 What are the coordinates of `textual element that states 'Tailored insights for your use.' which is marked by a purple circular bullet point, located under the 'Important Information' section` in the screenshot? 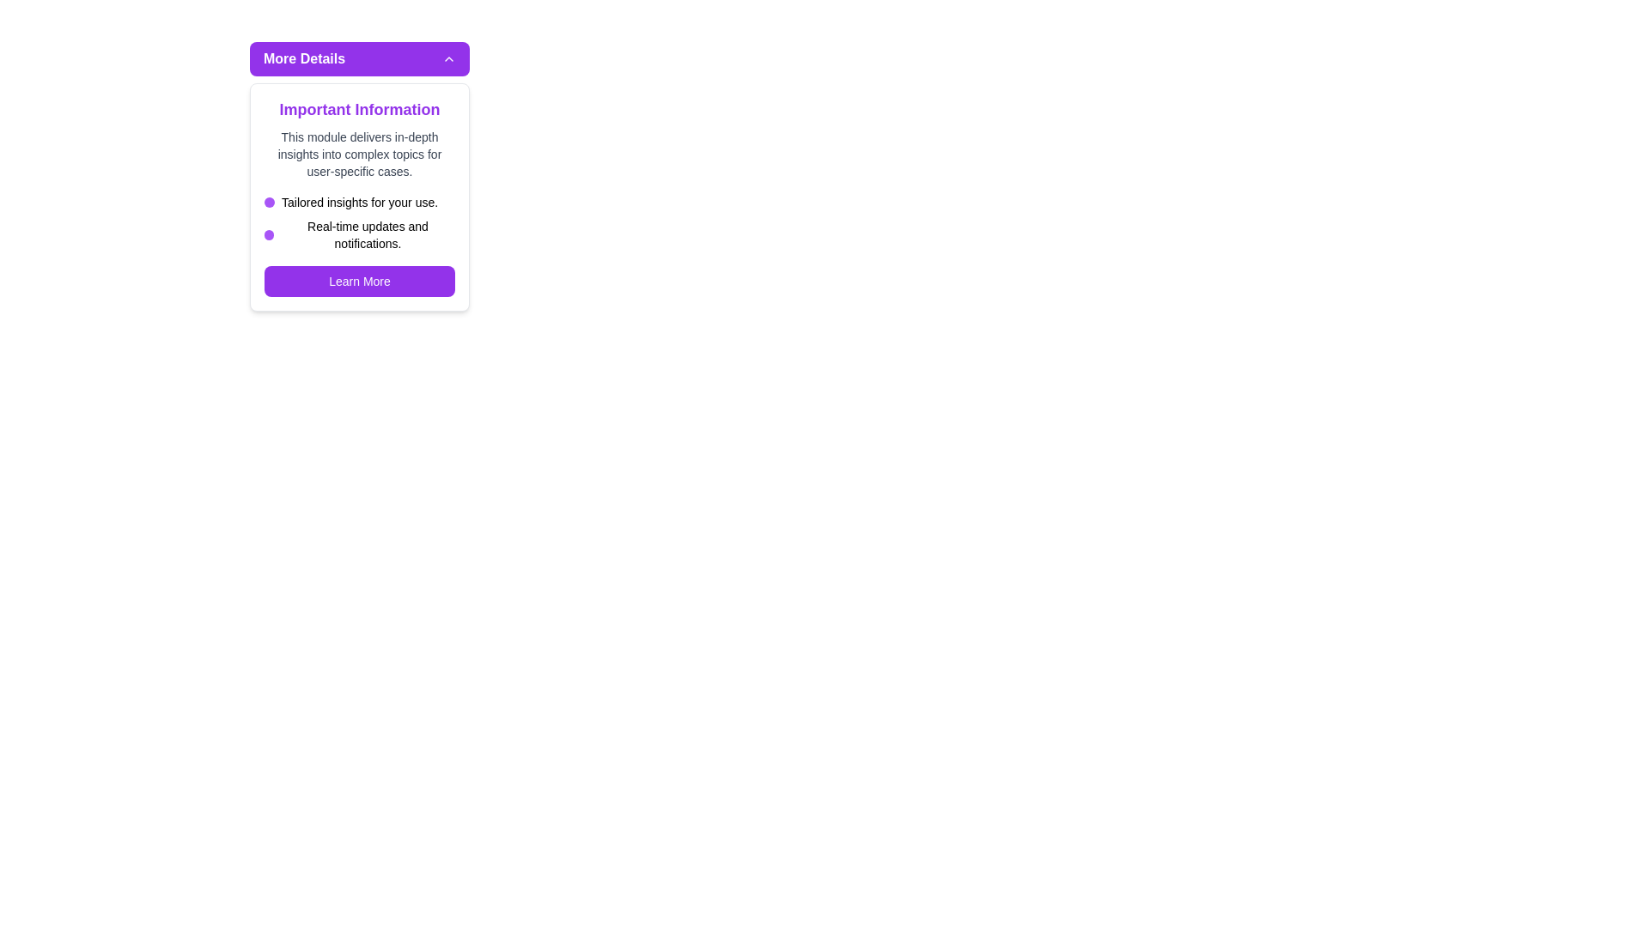 It's located at (358, 201).